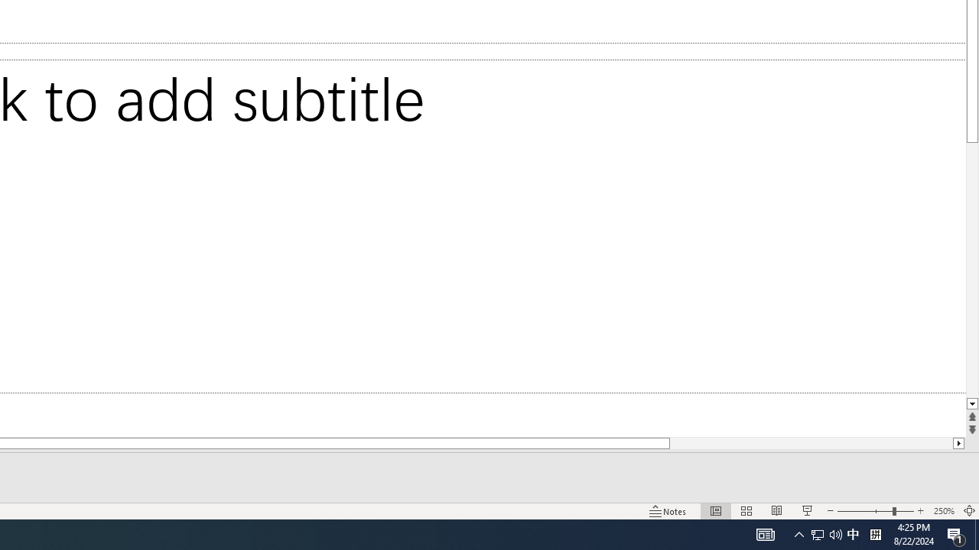 The height and width of the screenshot is (550, 979). I want to click on 'Zoom 250%', so click(943, 511).